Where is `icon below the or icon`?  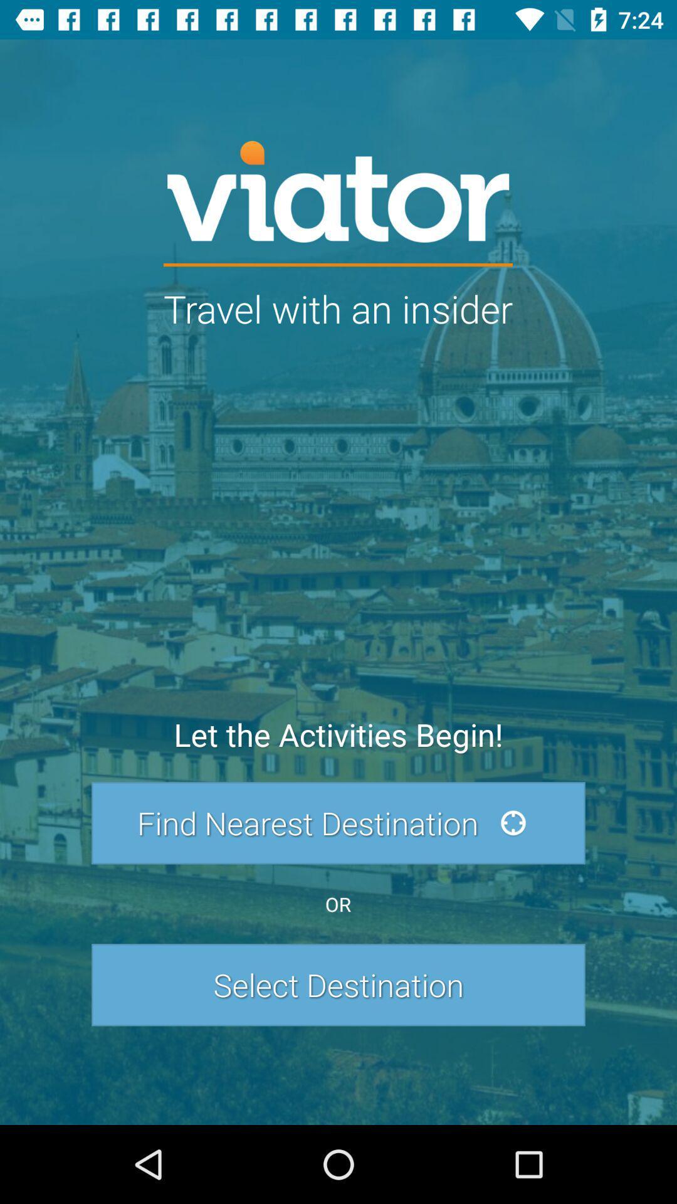
icon below the or icon is located at coordinates (338, 984).